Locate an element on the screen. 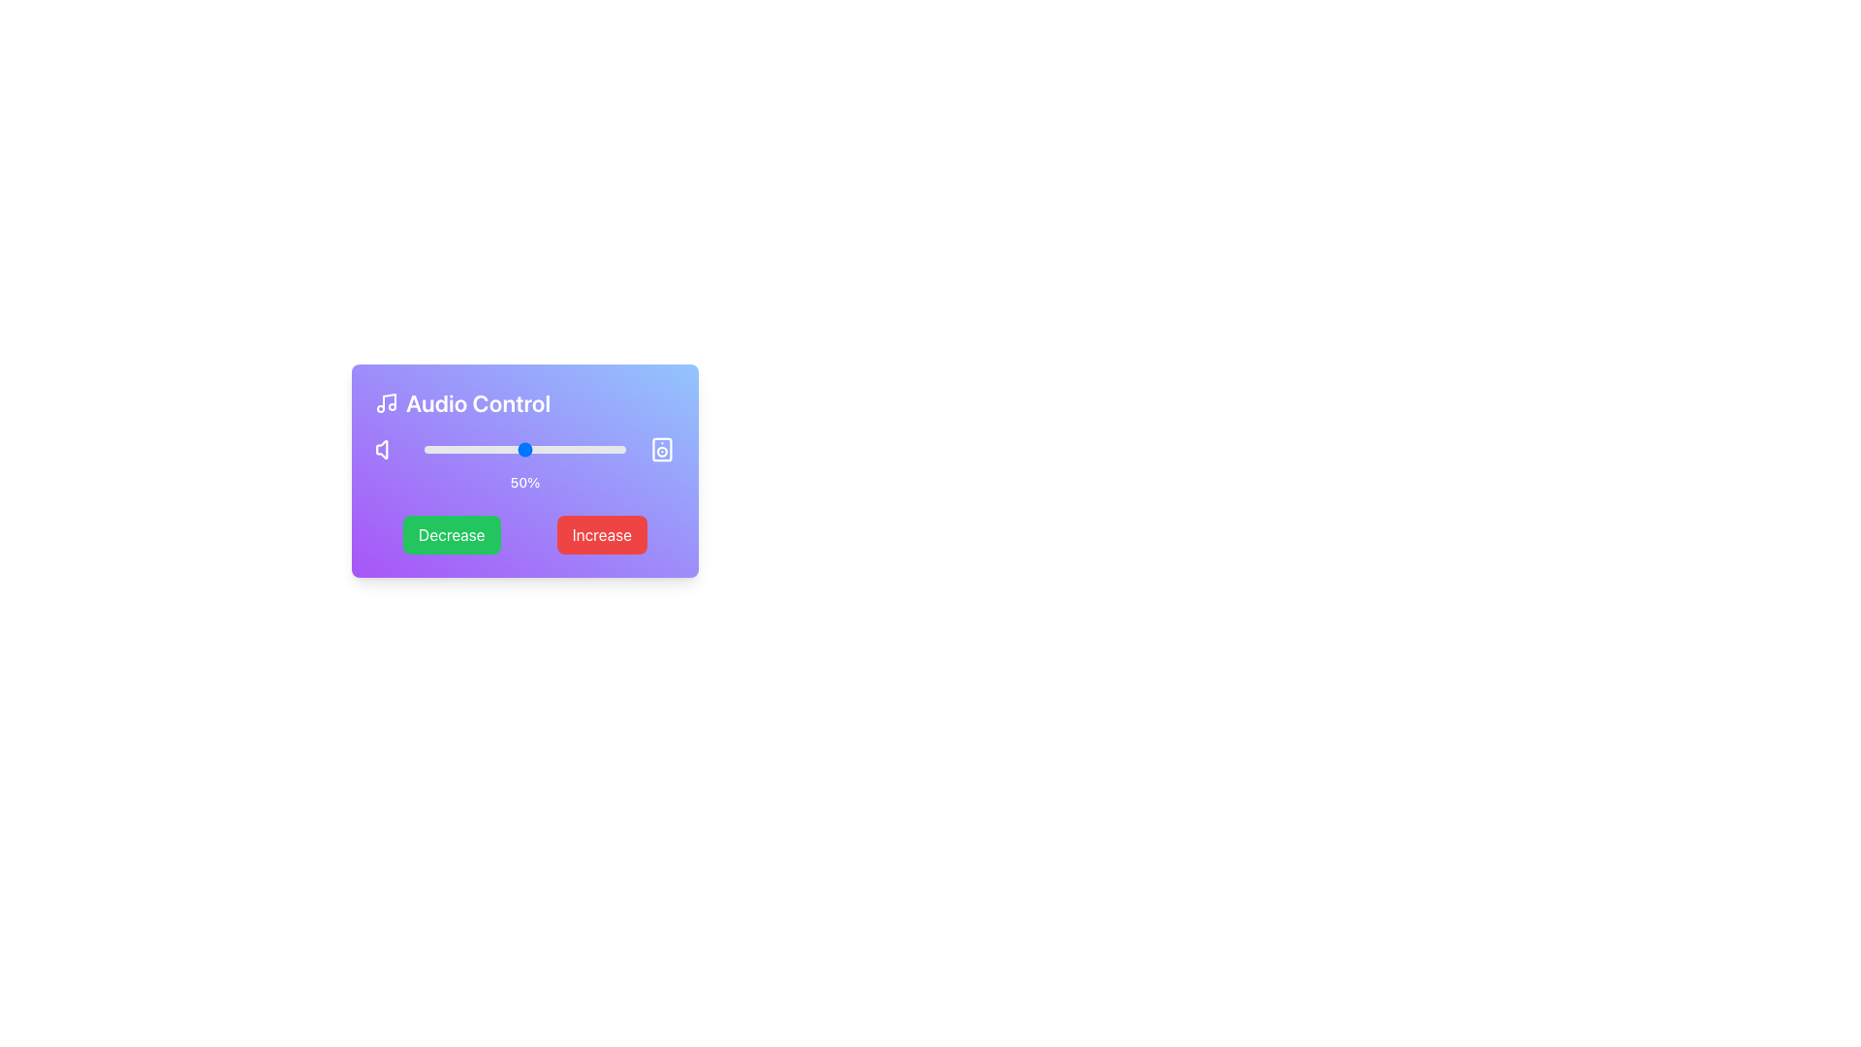 The height and width of the screenshot is (1047, 1861). the increase button located at the bottom right corner of the card-like interface is located at coordinates (601, 534).